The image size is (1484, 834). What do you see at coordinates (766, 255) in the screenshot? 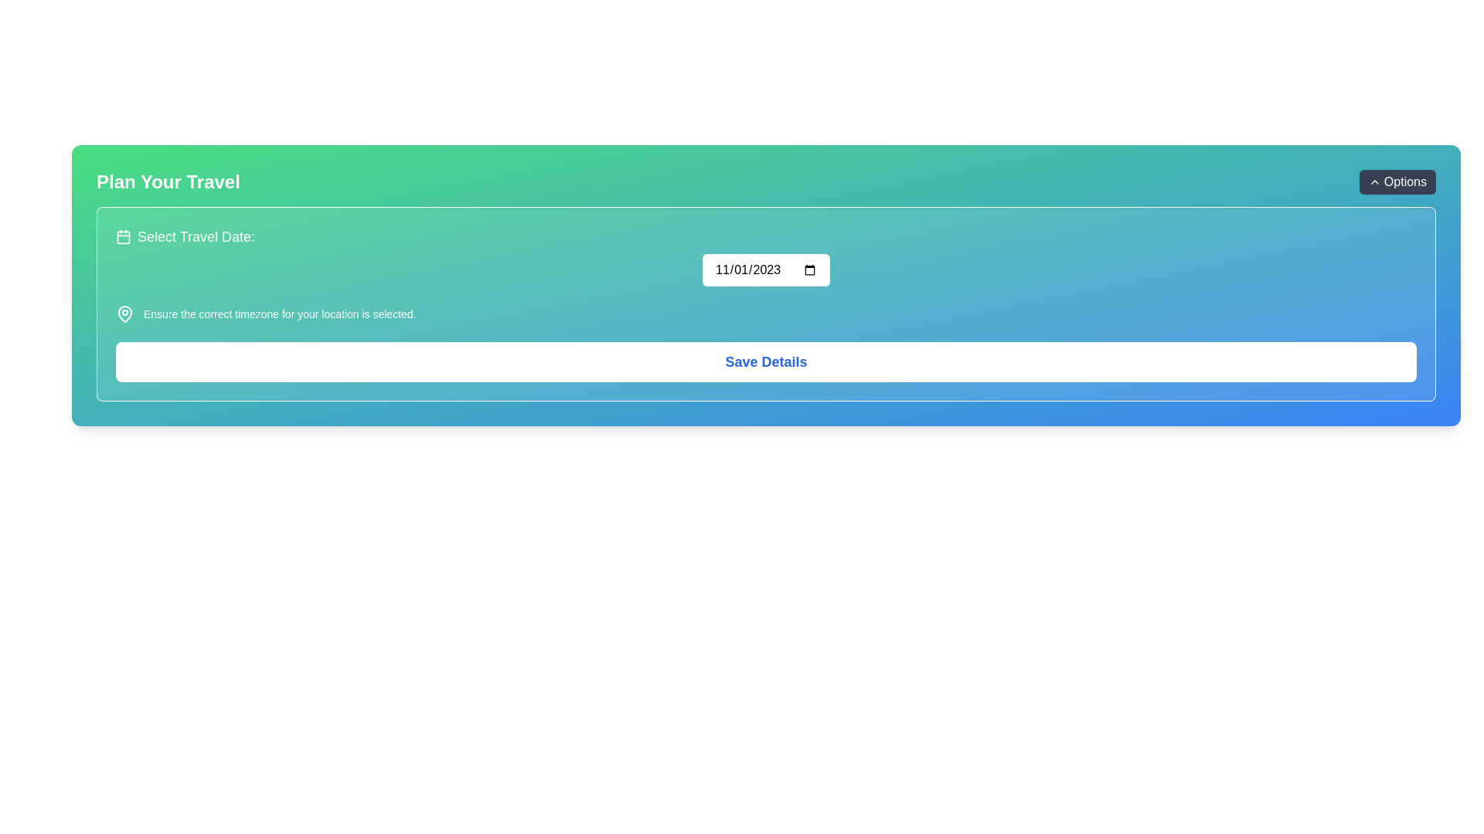
I see `a date from the calendar view of the date picker input field labeled 'Select Travel Date:' located in the upper portion of the 'Plan Your Travel' section` at bounding box center [766, 255].